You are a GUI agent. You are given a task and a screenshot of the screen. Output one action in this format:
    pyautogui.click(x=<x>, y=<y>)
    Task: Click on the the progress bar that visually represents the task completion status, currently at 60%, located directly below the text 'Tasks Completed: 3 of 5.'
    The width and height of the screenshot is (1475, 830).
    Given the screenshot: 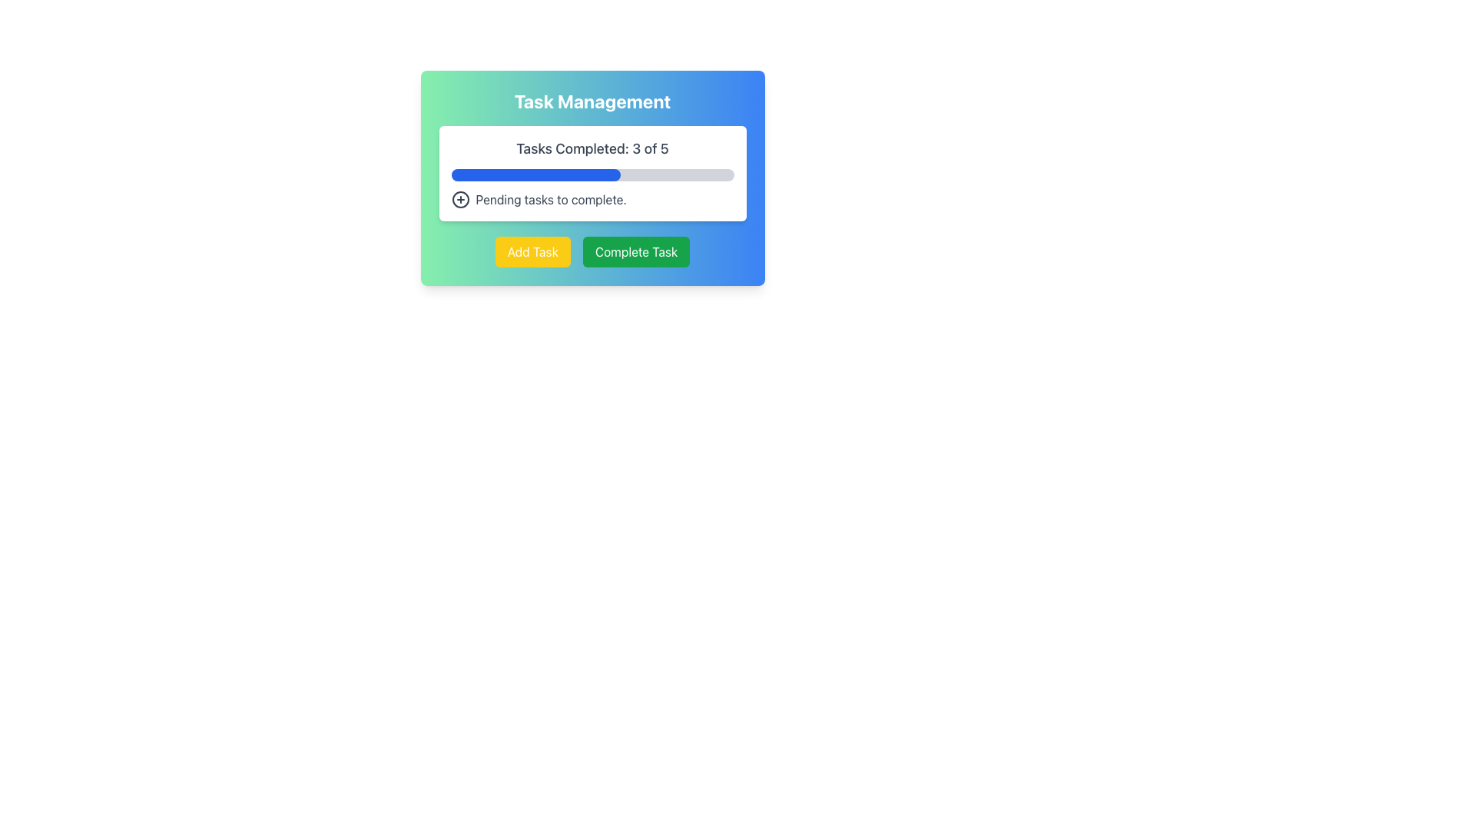 What is the action you would take?
    pyautogui.click(x=592, y=174)
    